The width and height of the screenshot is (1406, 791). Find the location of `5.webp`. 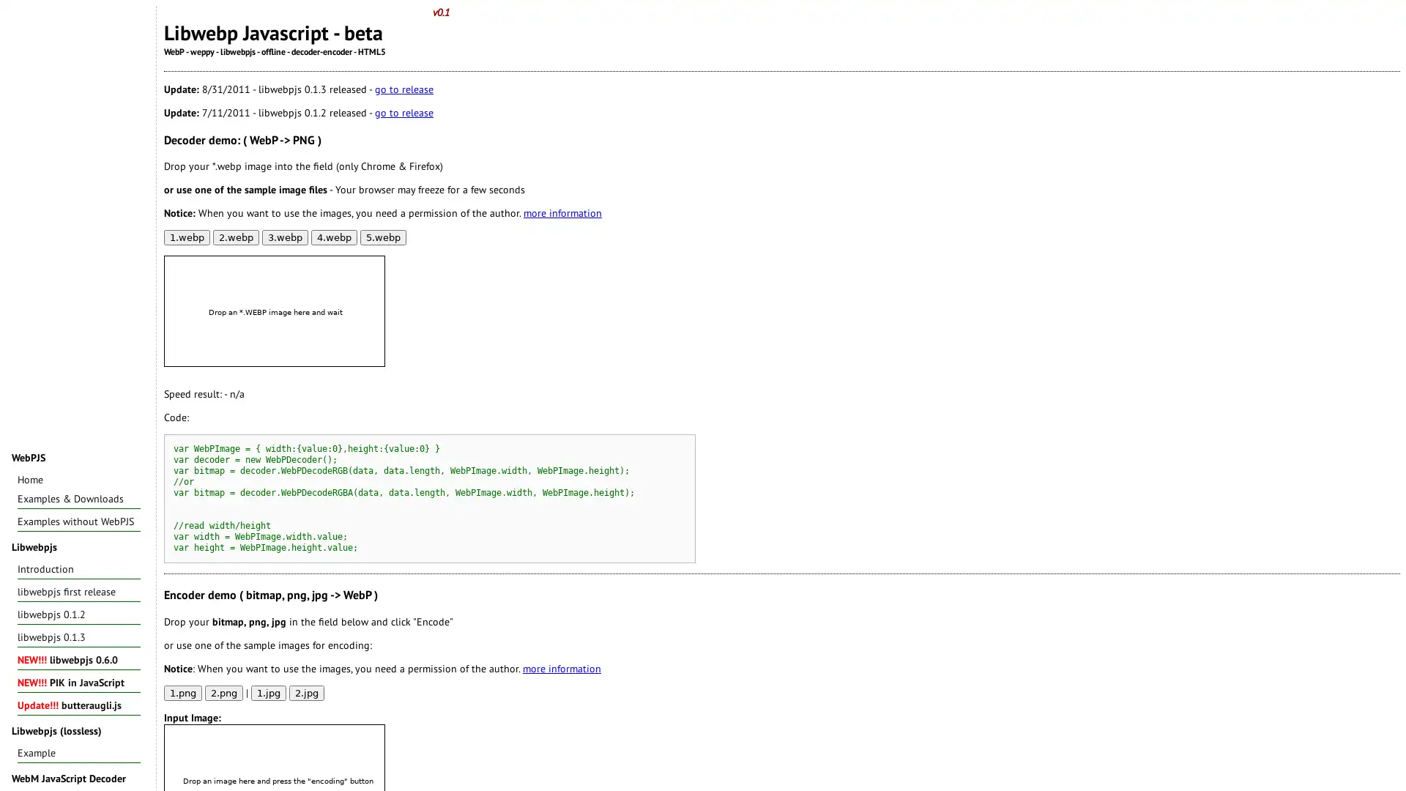

5.webp is located at coordinates (383, 237).